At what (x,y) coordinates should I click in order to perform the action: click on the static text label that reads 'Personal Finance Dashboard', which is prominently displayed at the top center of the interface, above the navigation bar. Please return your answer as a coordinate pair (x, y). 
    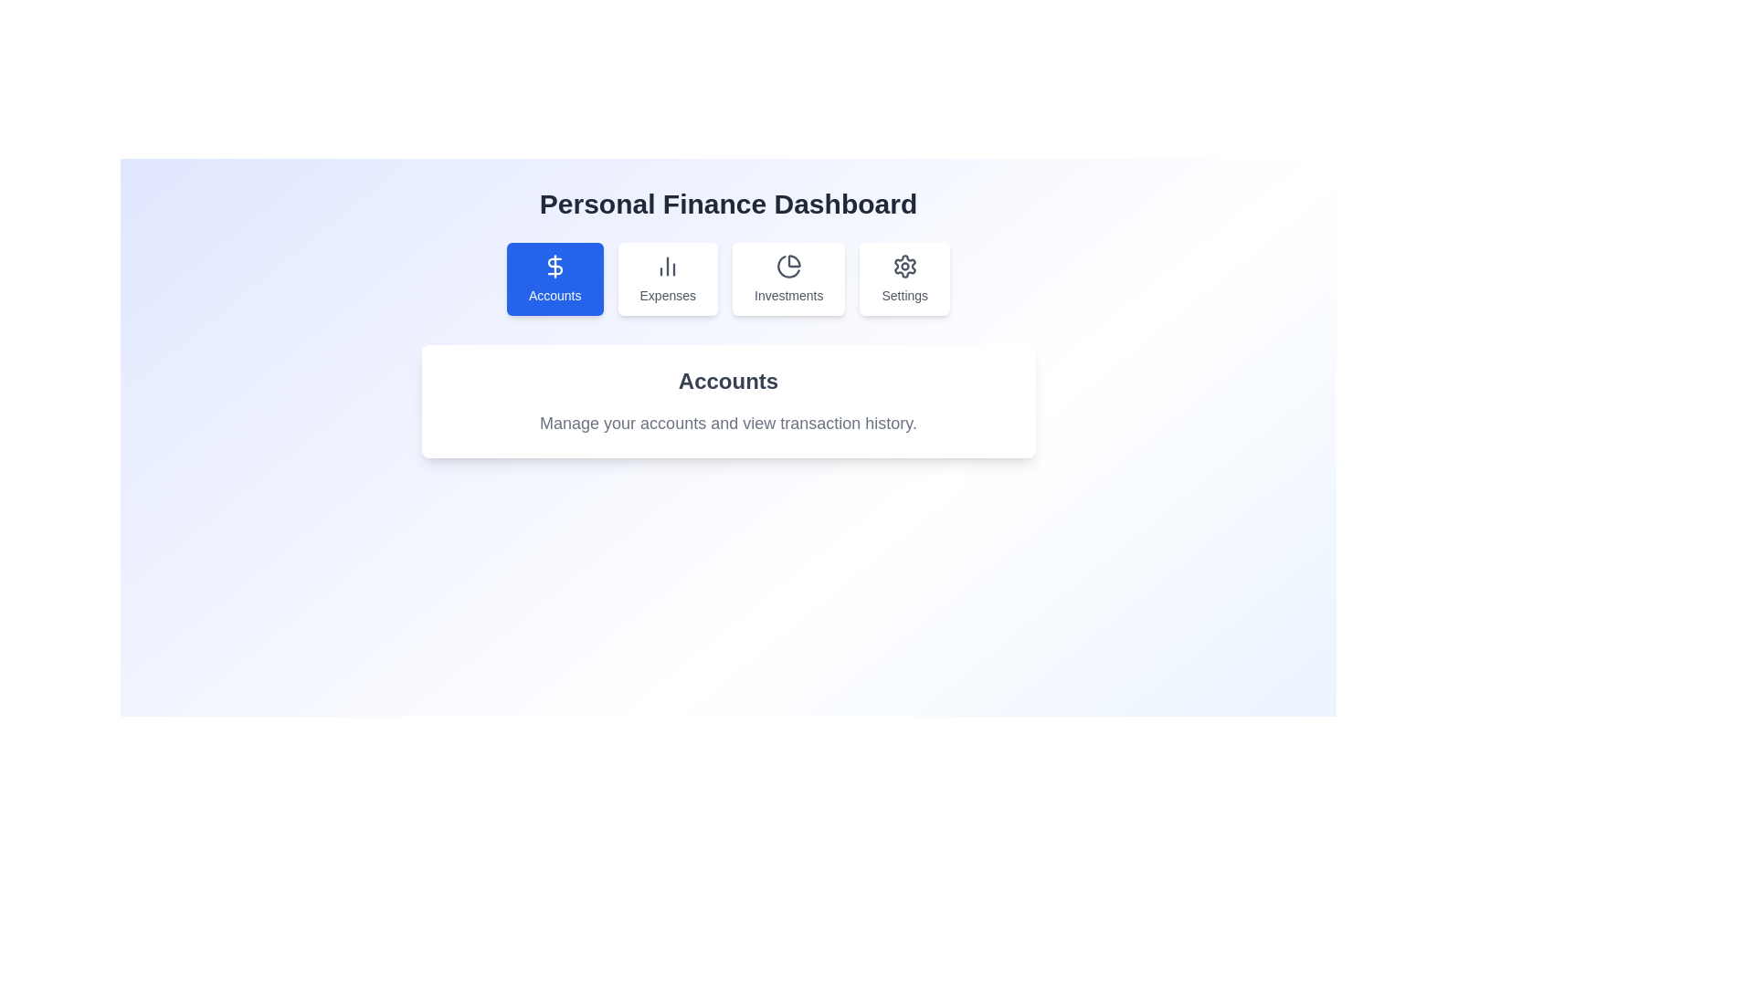
    Looking at the image, I should click on (727, 204).